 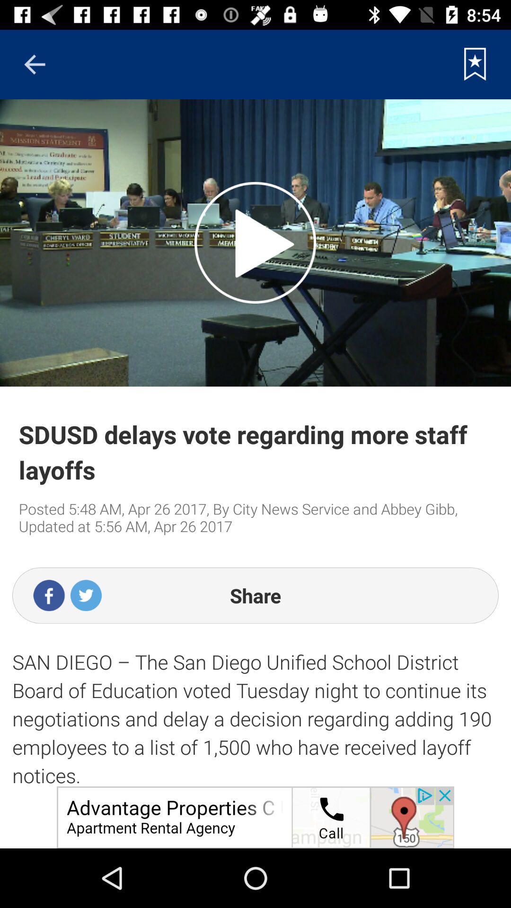 What do you see at coordinates (255, 243) in the screenshot?
I see `stop` at bounding box center [255, 243].